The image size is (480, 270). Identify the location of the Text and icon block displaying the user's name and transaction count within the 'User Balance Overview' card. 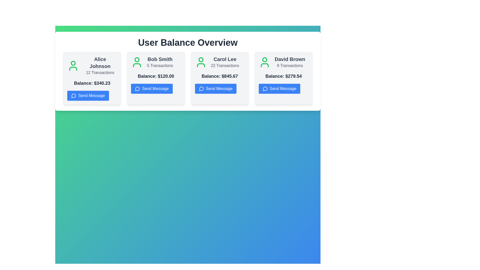
(155, 62).